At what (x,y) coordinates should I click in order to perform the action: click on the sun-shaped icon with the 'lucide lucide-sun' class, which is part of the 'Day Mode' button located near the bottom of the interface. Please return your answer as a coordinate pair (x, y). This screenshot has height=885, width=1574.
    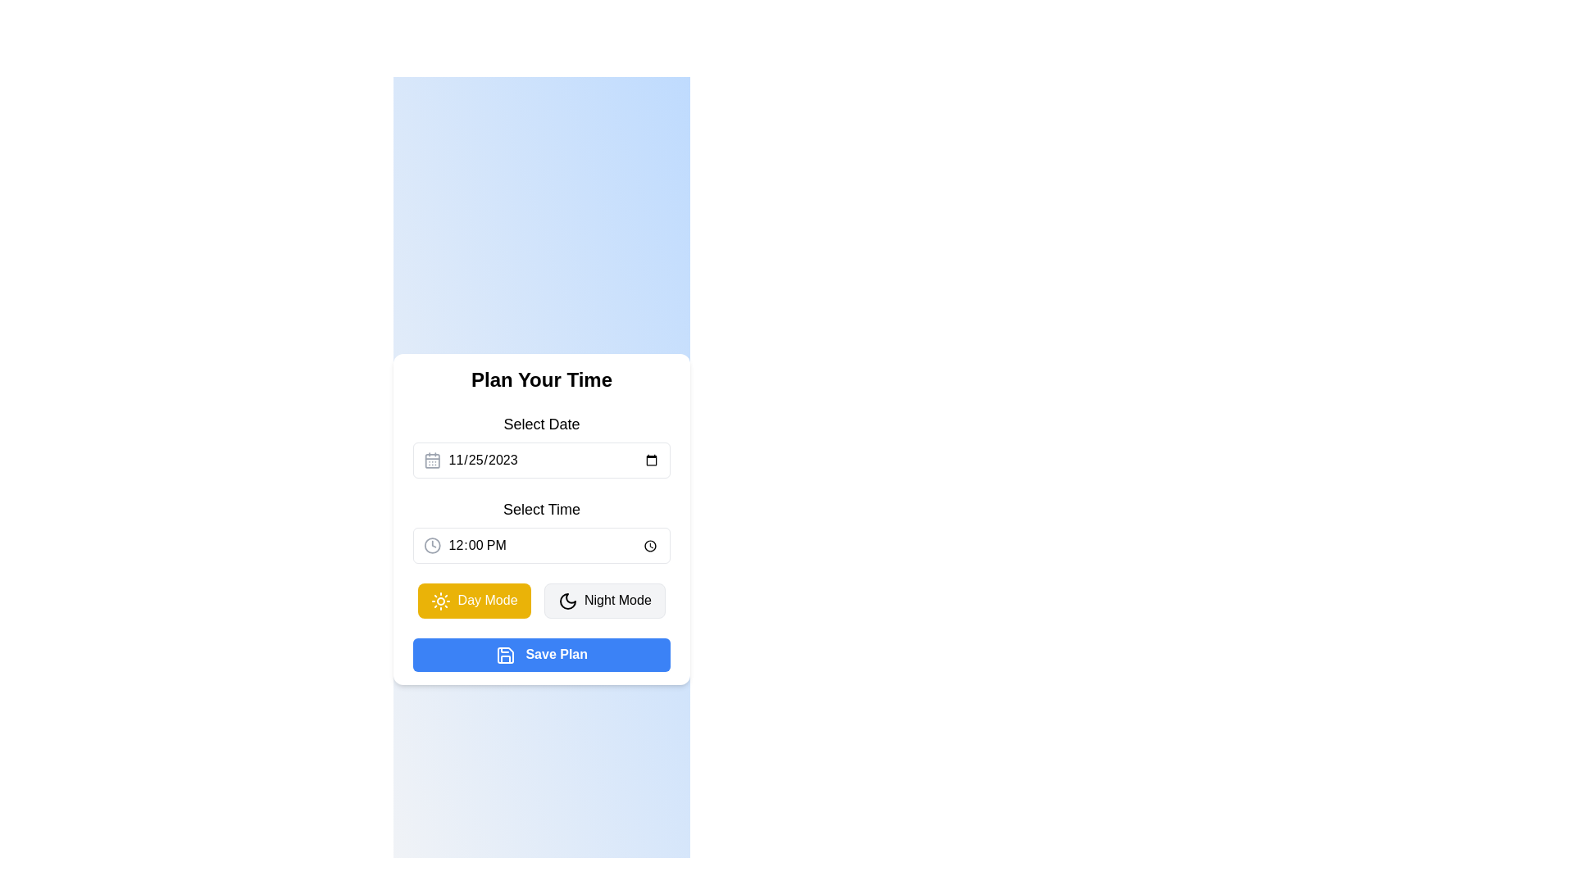
    Looking at the image, I should click on (441, 601).